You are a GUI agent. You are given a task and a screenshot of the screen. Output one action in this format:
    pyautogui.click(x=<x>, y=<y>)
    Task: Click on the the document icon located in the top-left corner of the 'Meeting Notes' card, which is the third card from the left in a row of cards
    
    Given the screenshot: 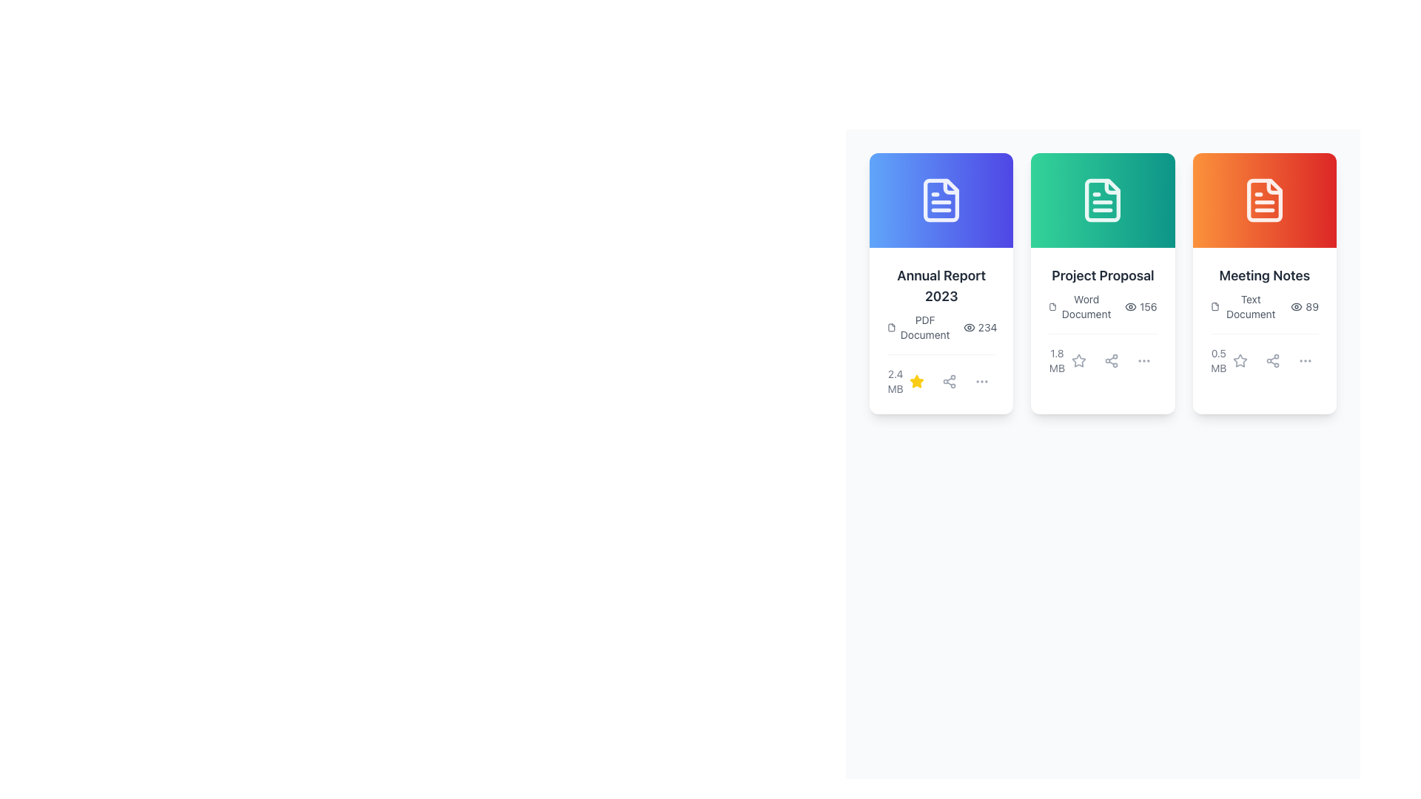 What is the action you would take?
    pyautogui.click(x=1215, y=306)
    